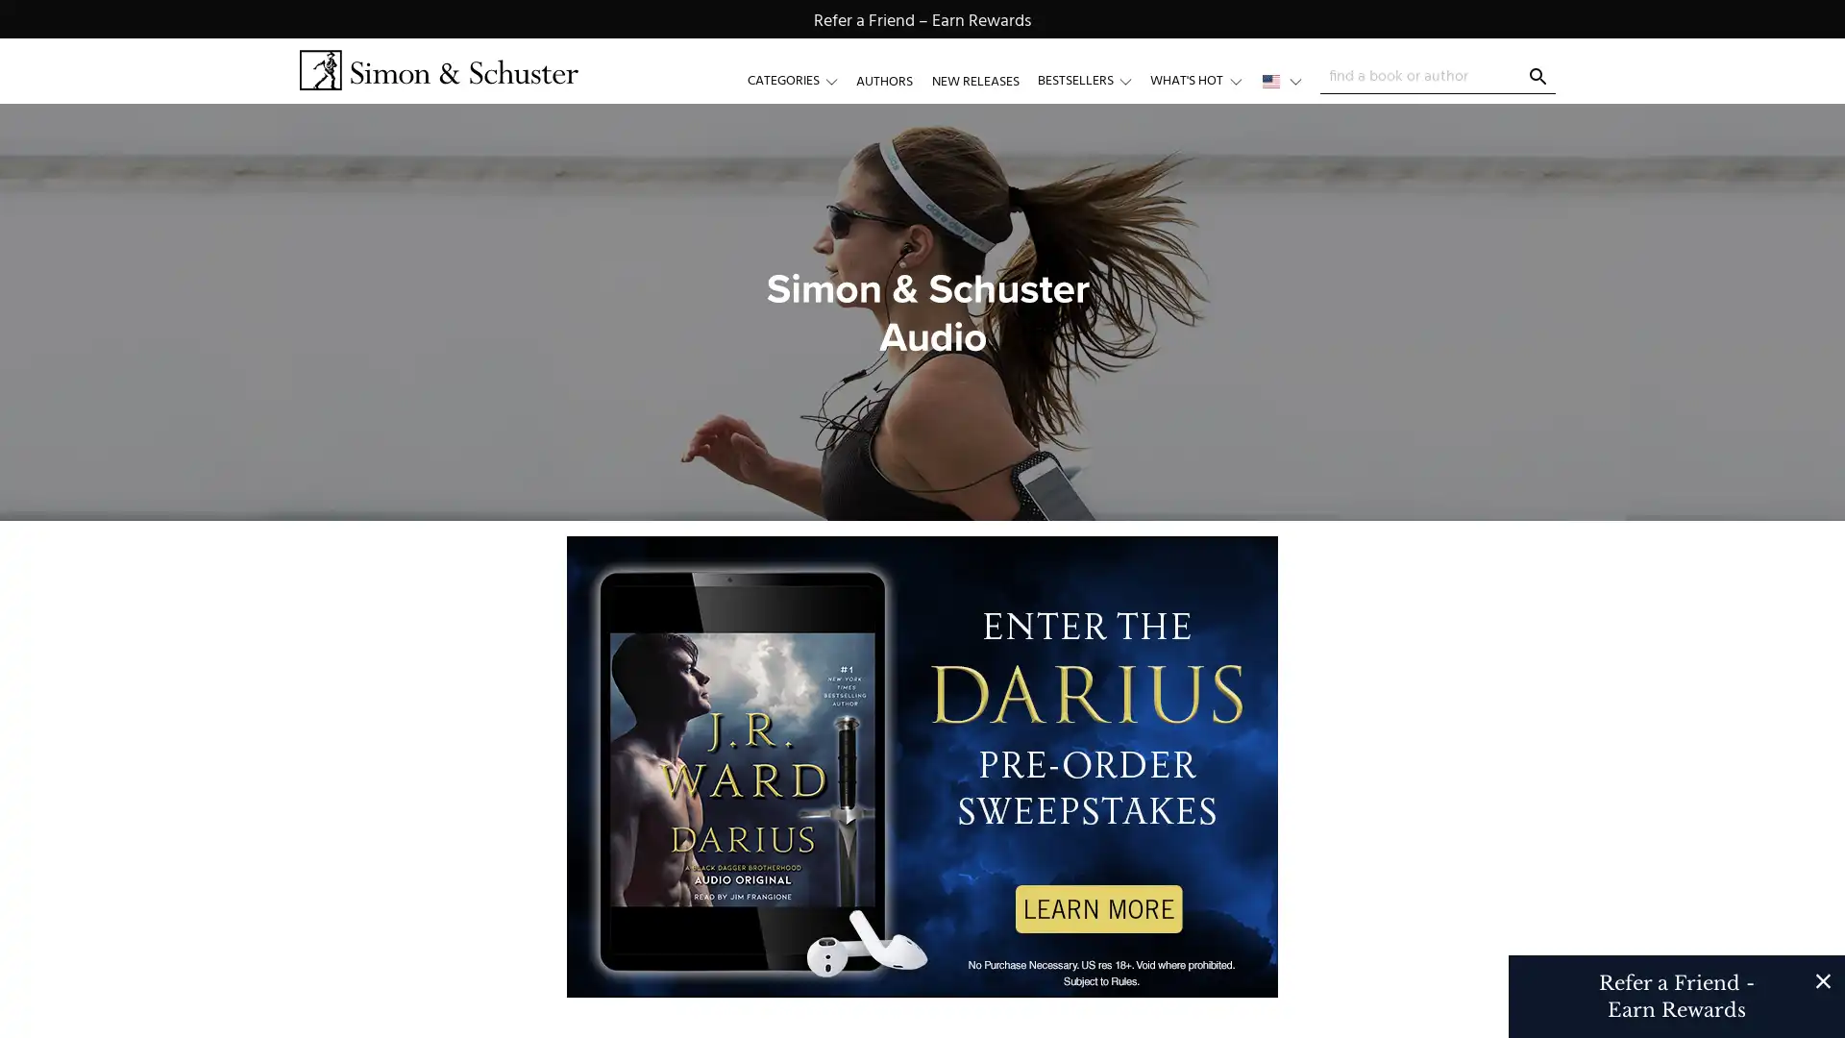 The image size is (1845, 1038). What do you see at coordinates (883, 80) in the screenshot?
I see `AUTHORS` at bounding box center [883, 80].